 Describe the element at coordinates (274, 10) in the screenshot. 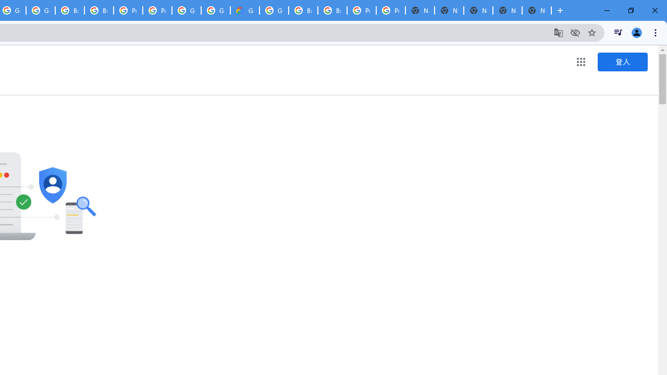

I see `'Google Cloud Platform'` at that location.